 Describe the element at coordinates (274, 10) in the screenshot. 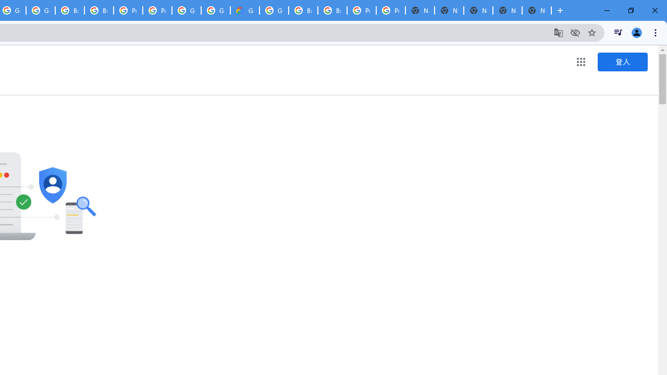

I see `'Google Cloud Platform'` at that location.